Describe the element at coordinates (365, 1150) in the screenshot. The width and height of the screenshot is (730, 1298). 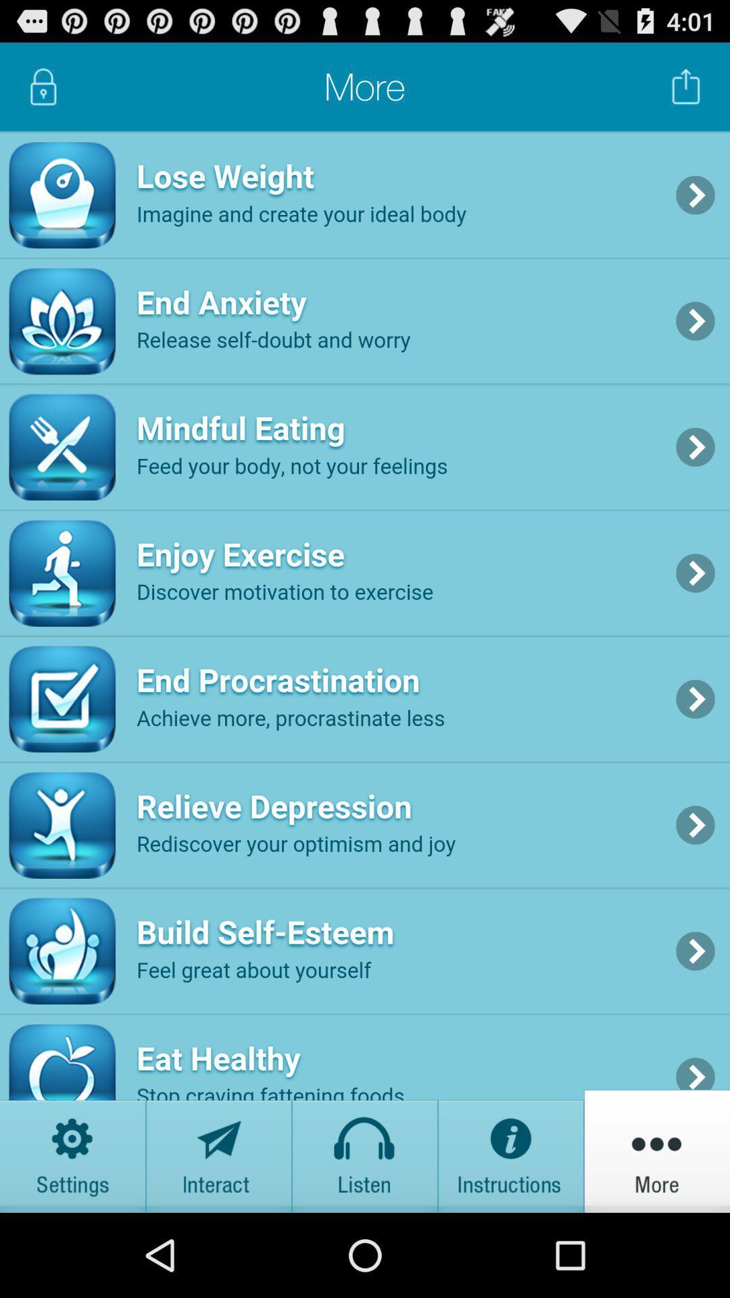
I see `listen` at that location.